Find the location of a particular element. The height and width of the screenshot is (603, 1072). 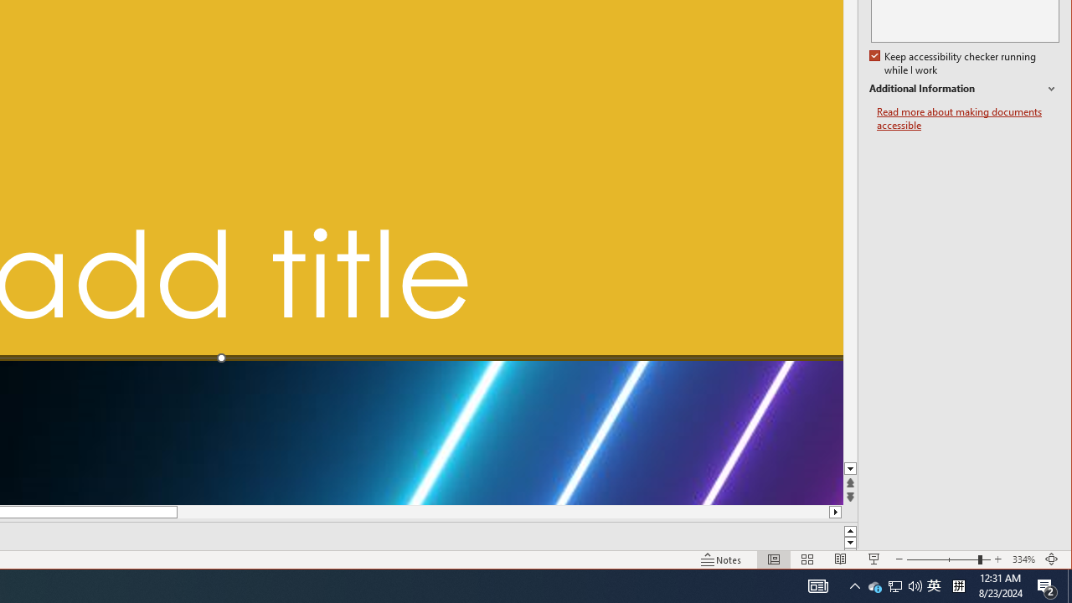

'Line down' is located at coordinates (850, 469).